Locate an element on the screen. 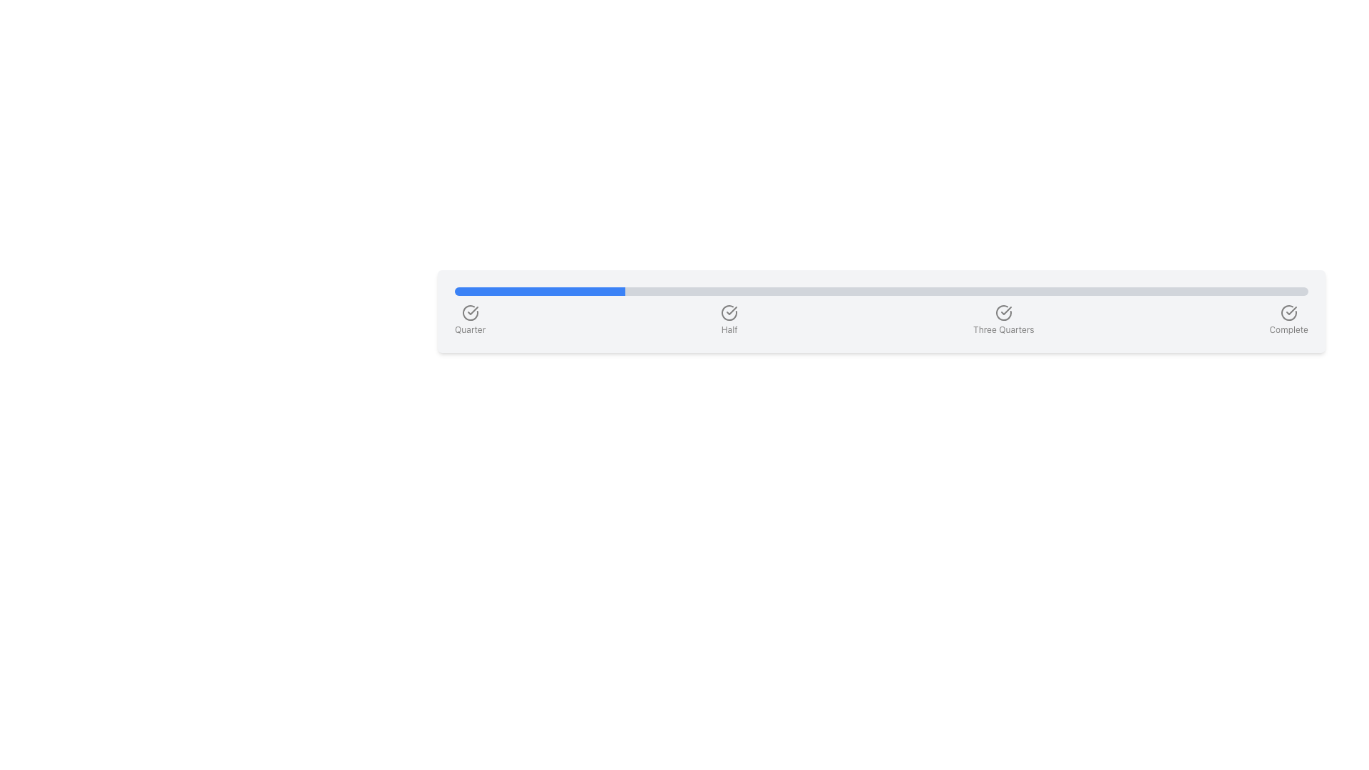  the text label displaying 'Half', located below the checkmark icon is located at coordinates (729, 329).